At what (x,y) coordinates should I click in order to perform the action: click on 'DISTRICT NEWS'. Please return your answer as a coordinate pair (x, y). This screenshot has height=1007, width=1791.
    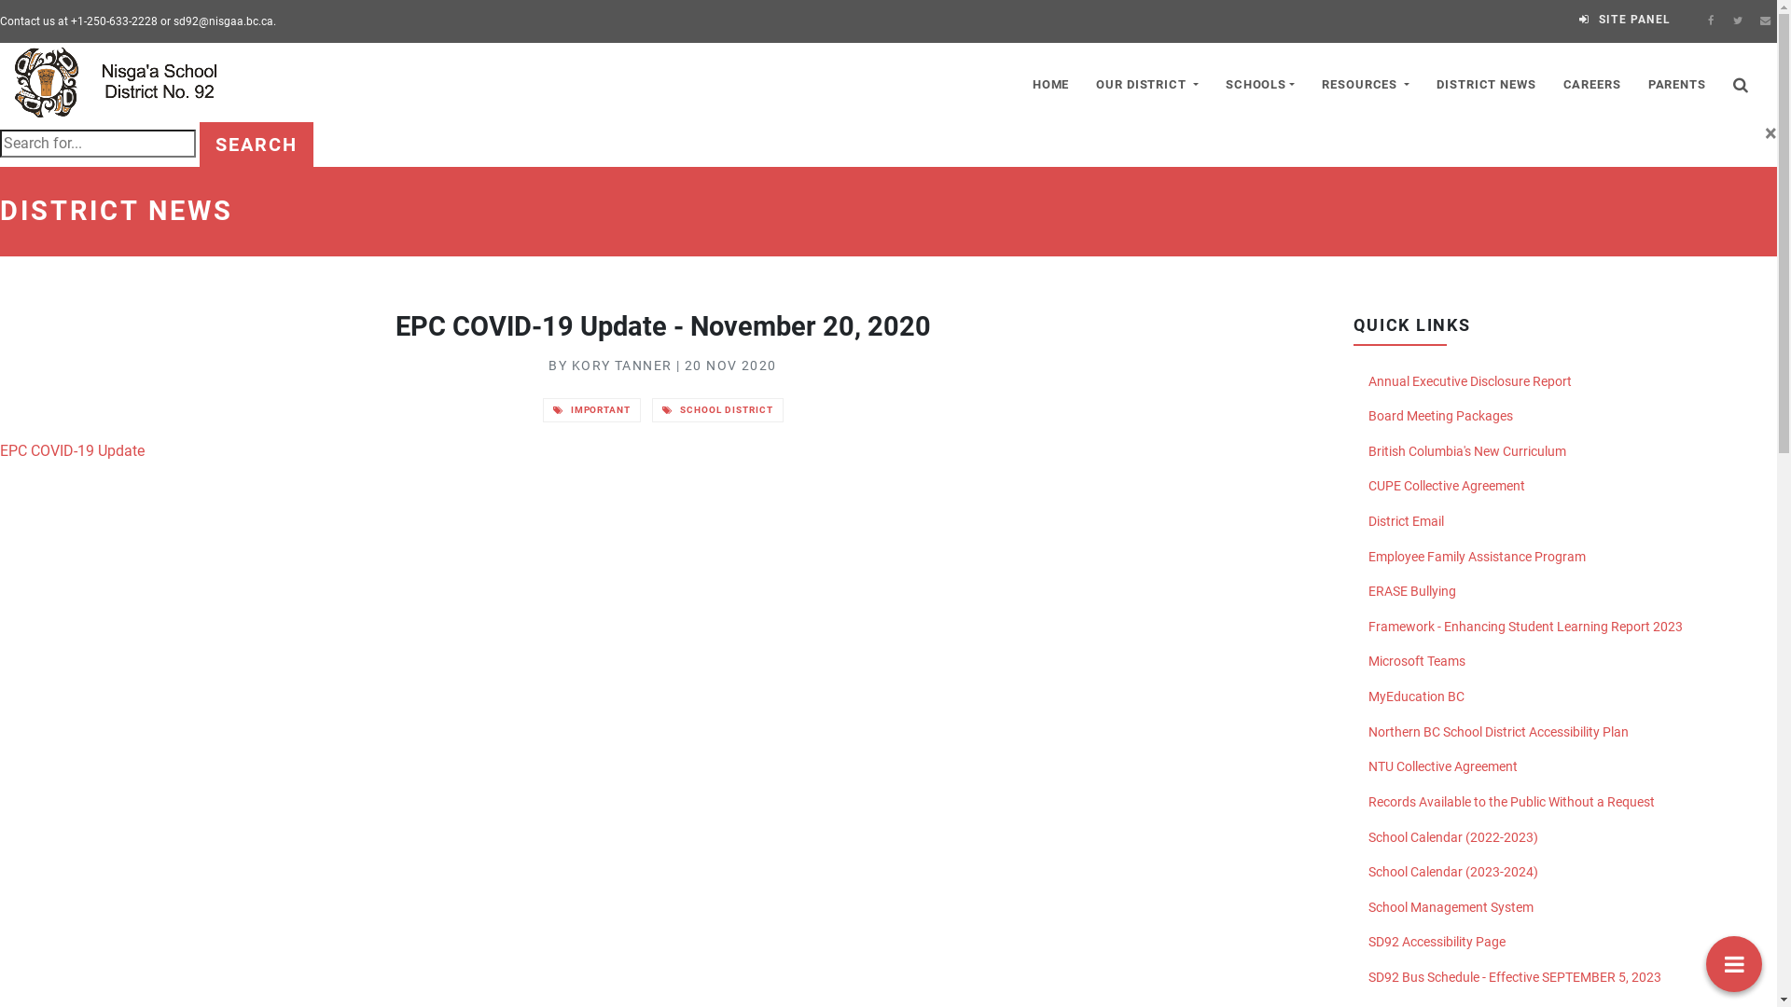
    Looking at the image, I should click on (1485, 81).